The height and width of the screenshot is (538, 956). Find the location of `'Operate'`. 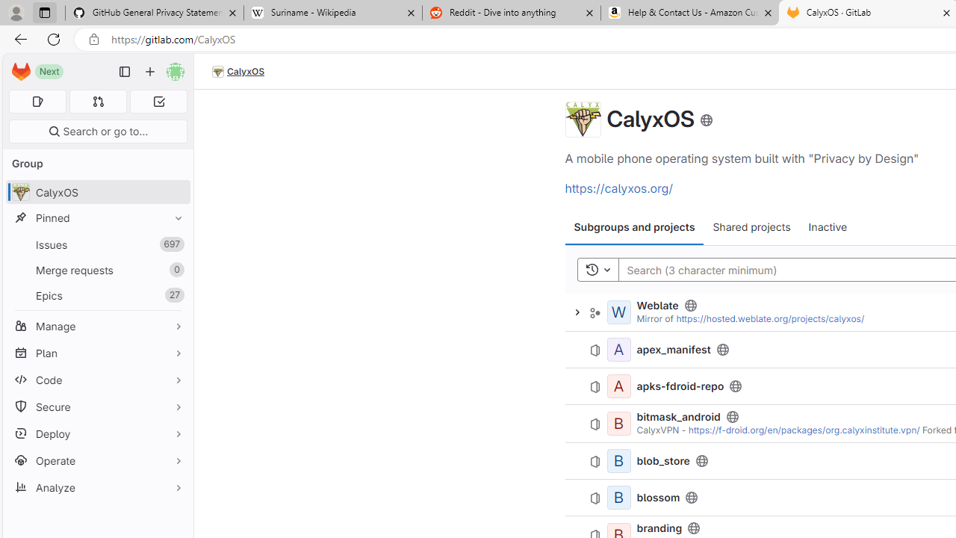

'Operate' is located at coordinates (97, 460).